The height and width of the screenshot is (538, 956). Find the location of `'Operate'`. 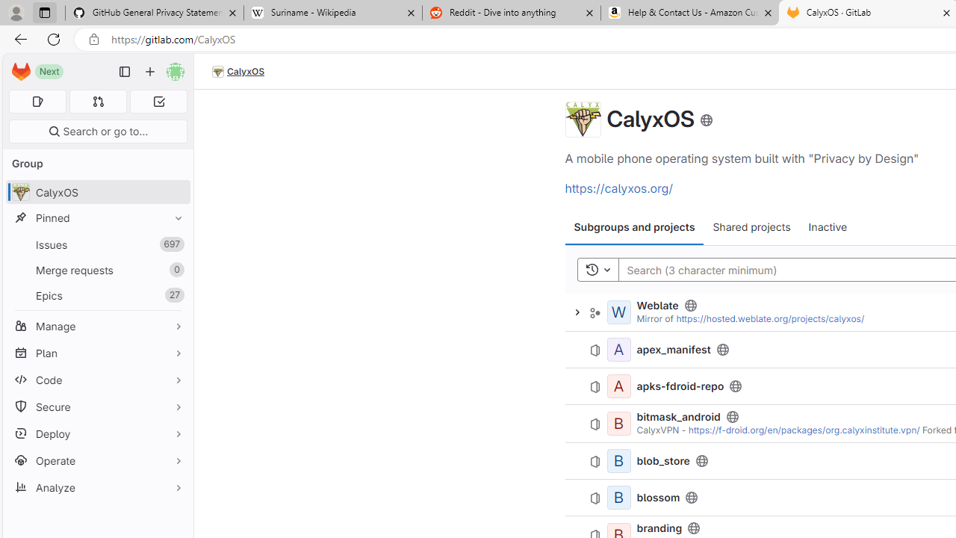

'Operate' is located at coordinates (97, 460).